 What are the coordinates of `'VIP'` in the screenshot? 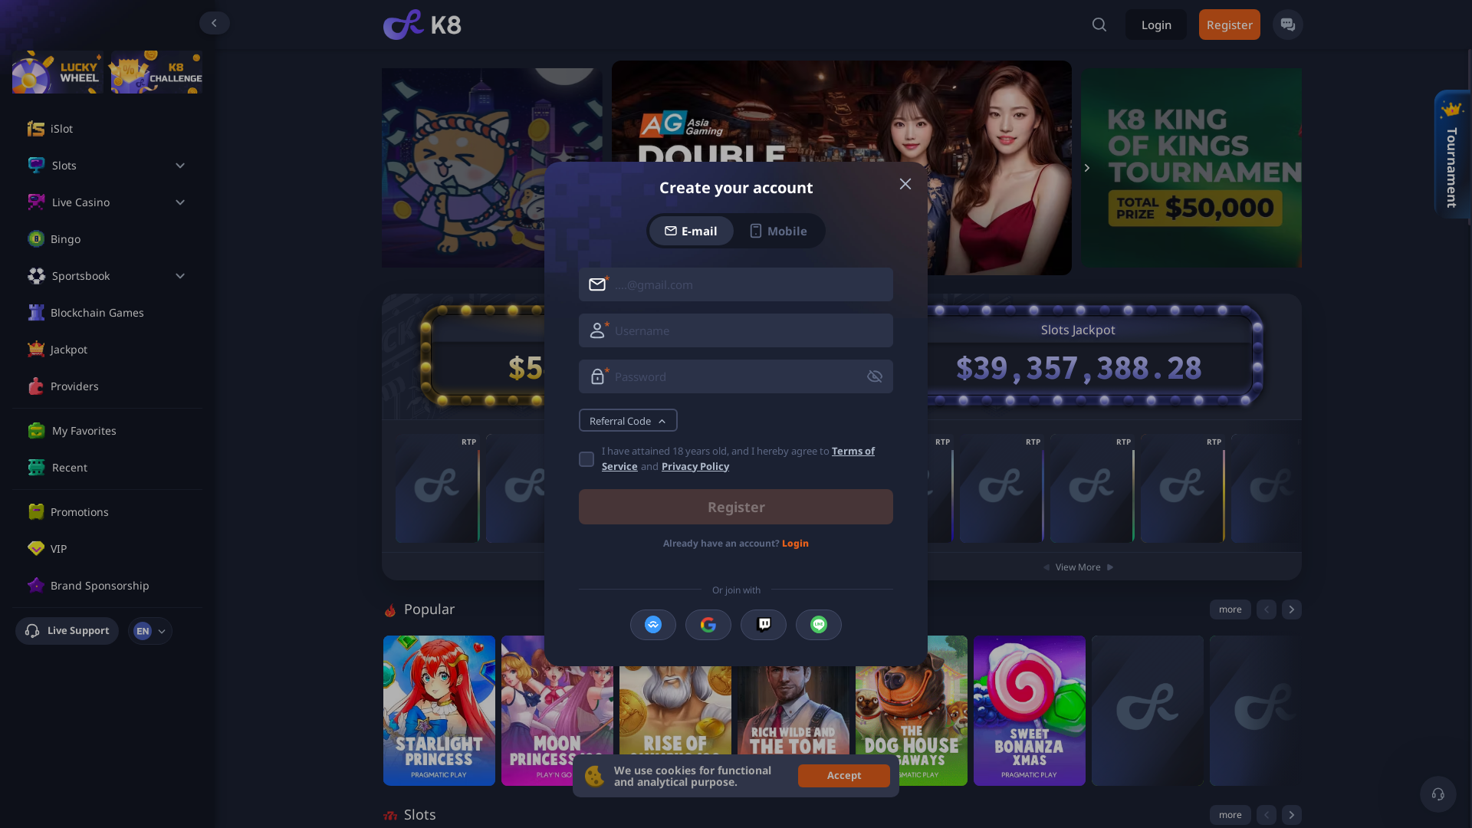 It's located at (117, 548).